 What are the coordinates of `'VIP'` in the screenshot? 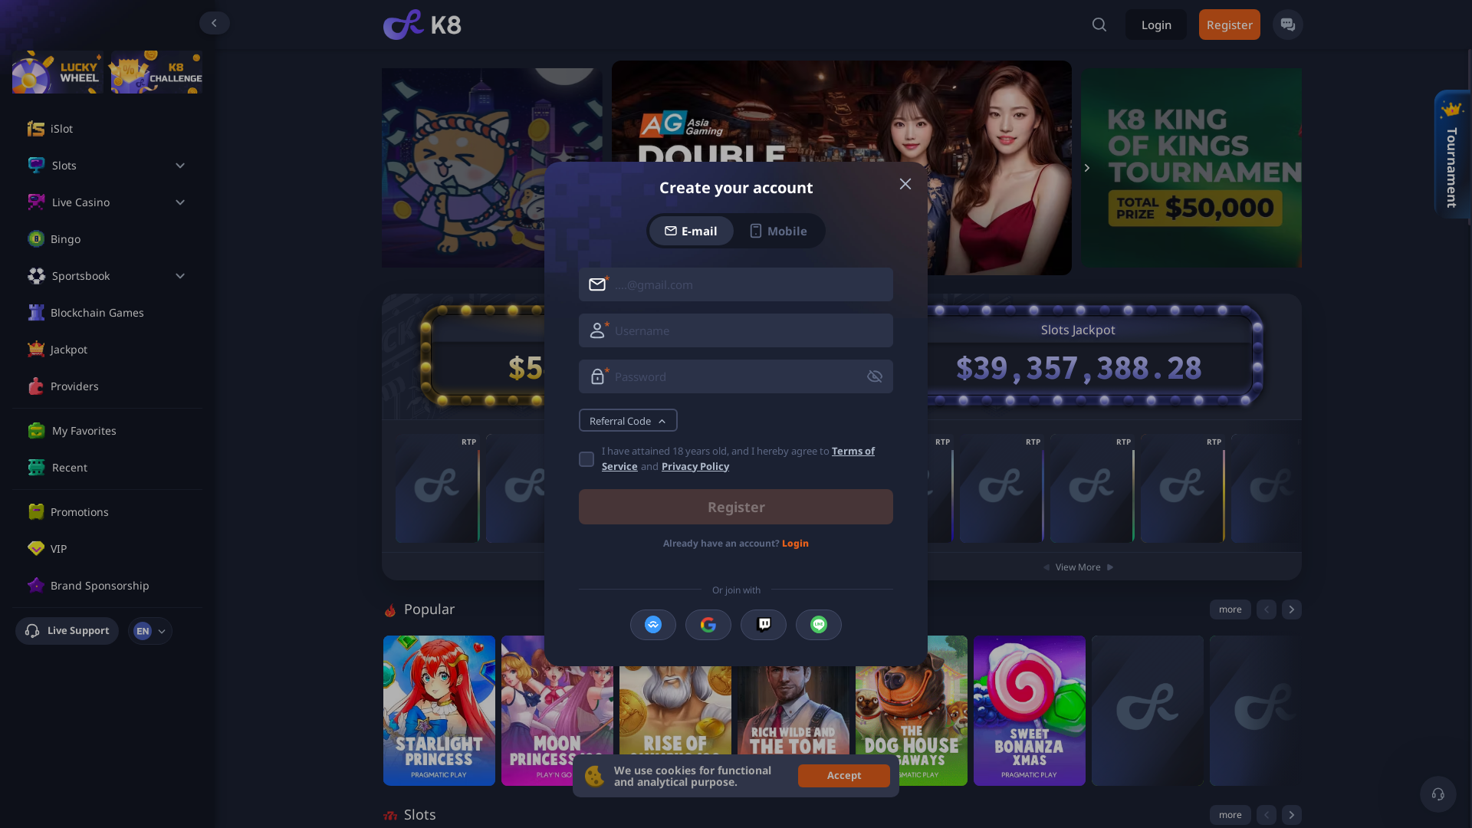 It's located at (117, 548).